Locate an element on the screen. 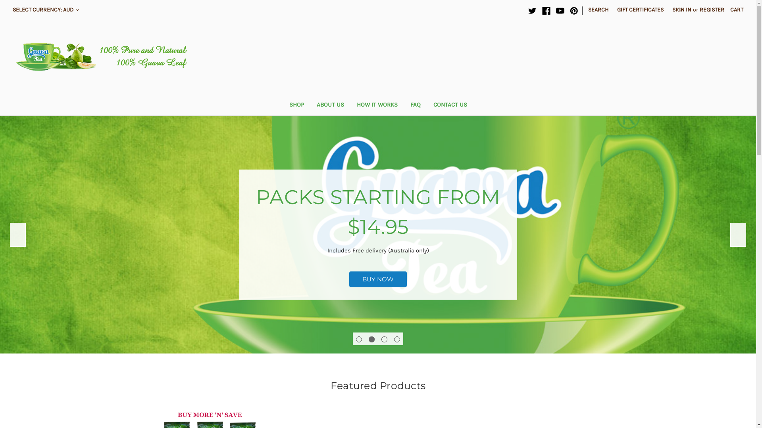 Image resolution: width=762 pixels, height=428 pixels. 'SIGN IN' is located at coordinates (668, 10).